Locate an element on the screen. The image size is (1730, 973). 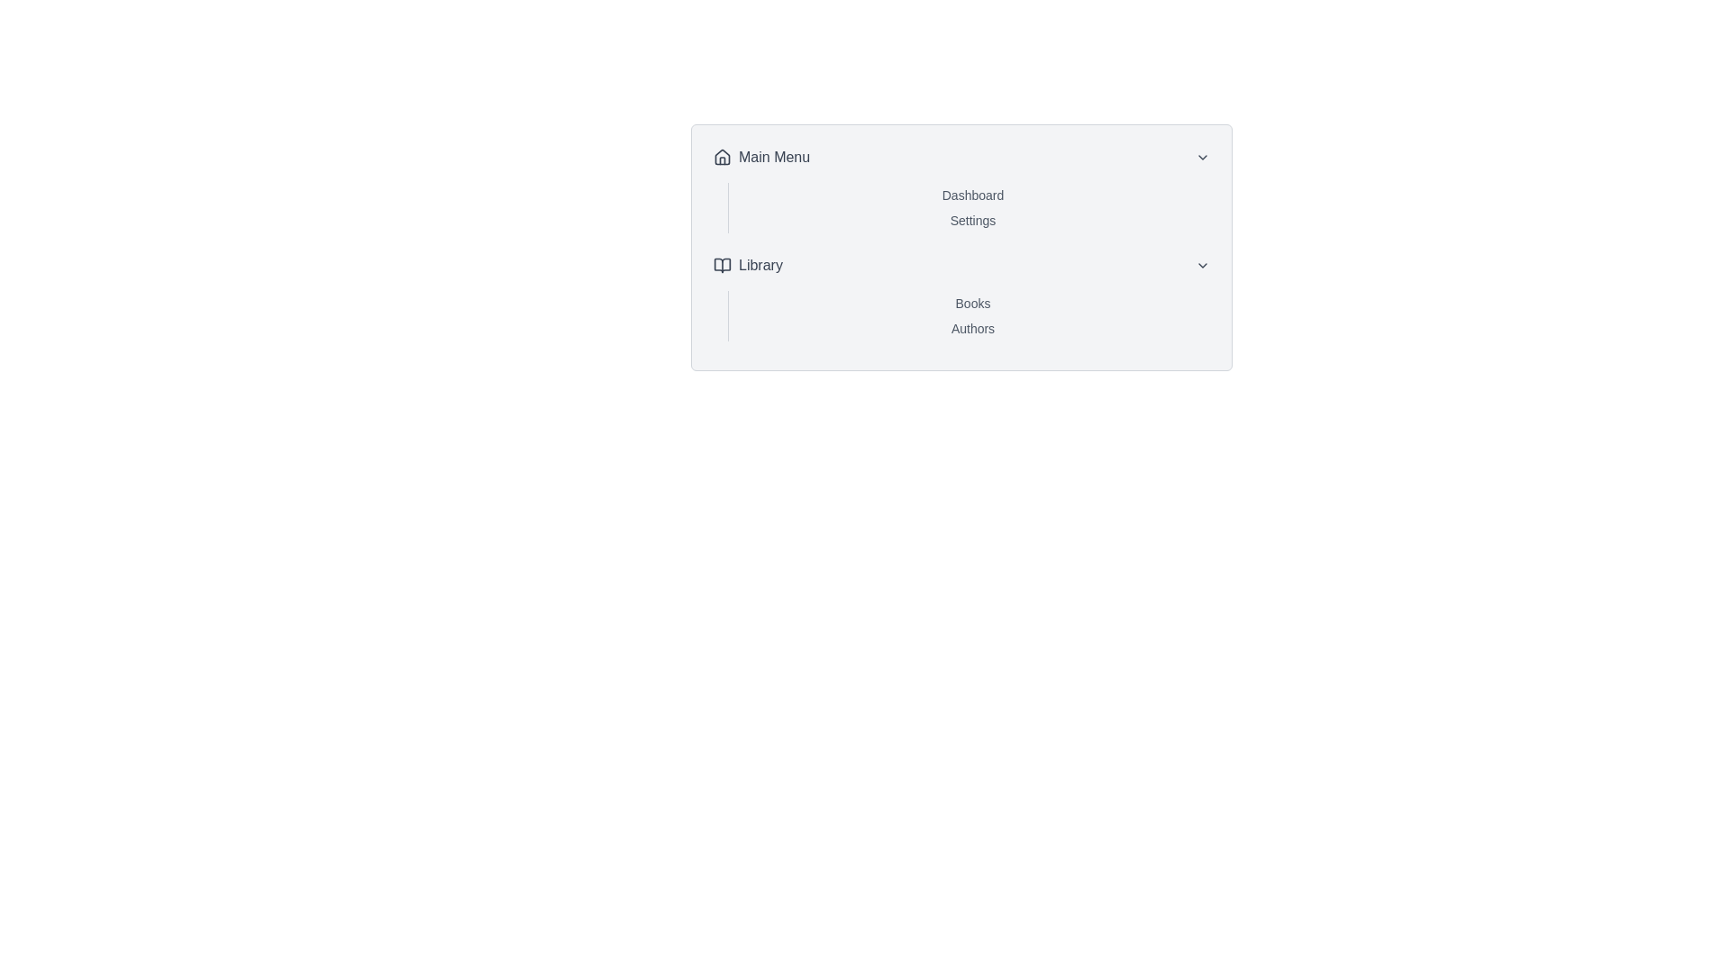
the right part of the open book icon in the 'Library' menu item to interact with it is located at coordinates (722, 265).